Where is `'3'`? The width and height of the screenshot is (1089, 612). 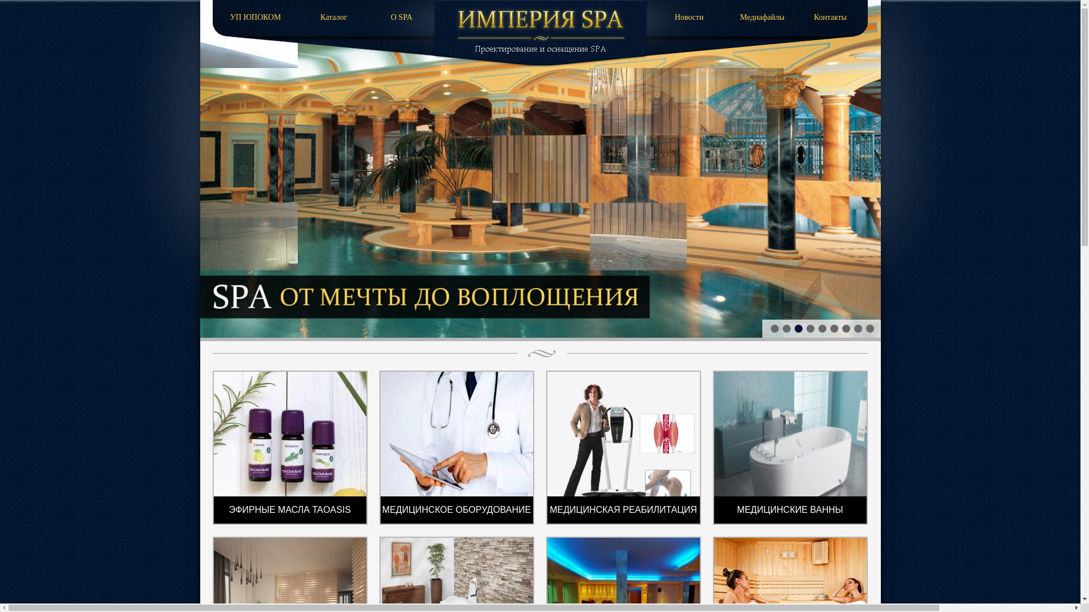
'3' is located at coordinates (797, 328).